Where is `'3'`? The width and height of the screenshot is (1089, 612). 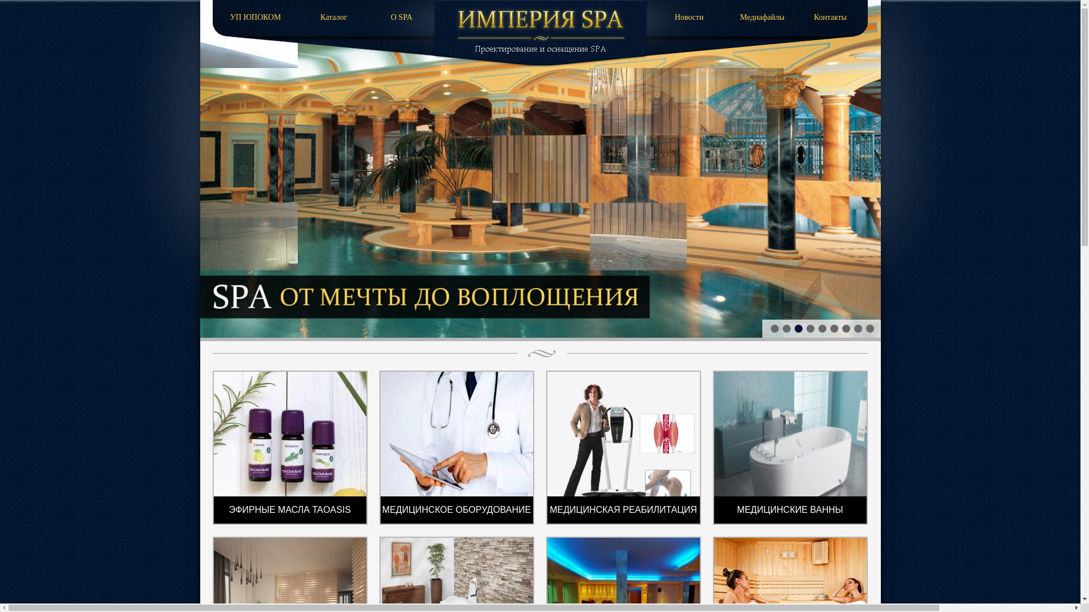
'3' is located at coordinates (797, 328).